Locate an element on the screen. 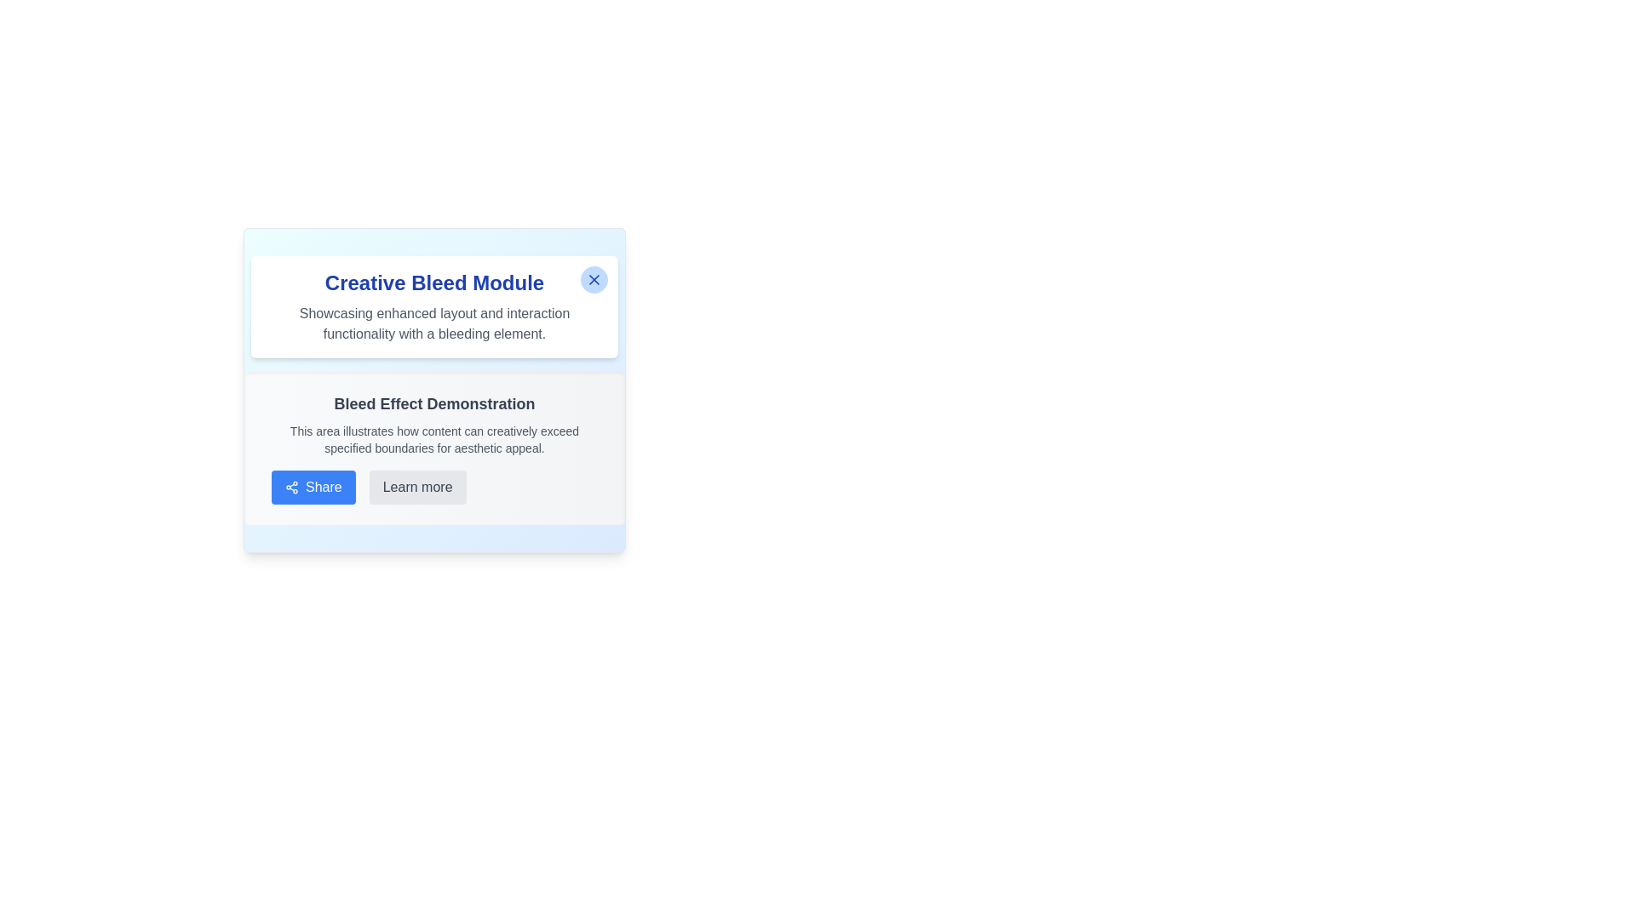  the Text Block providing information about the 'Bleed Effect Demonstration', located centrally beneath the header and above the 'Share' and 'Learn more' buttons is located at coordinates (434, 438).